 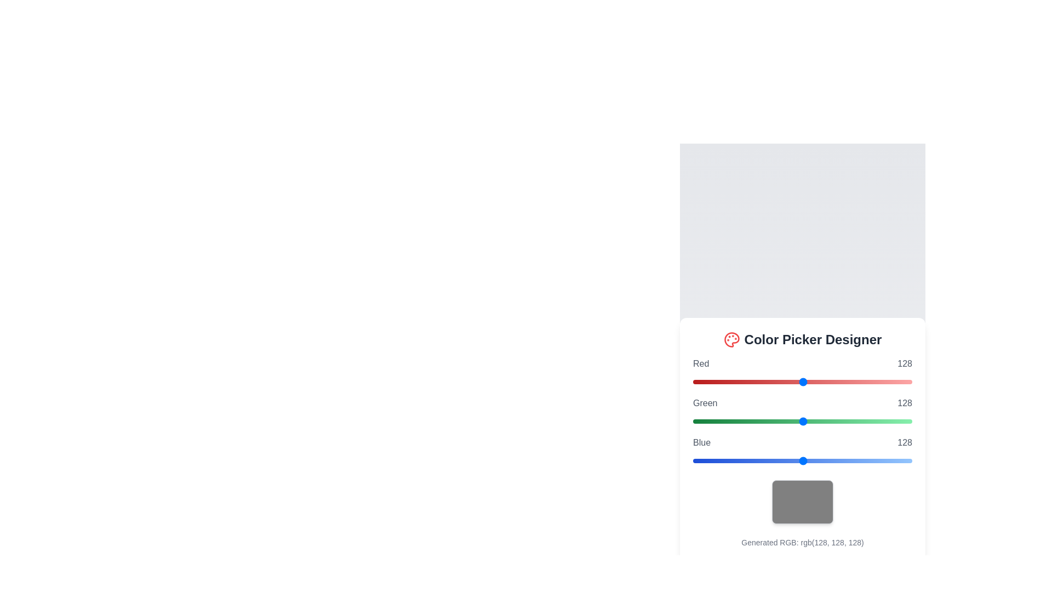 I want to click on the green slider to set its value to 6, so click(x=697, y=420).